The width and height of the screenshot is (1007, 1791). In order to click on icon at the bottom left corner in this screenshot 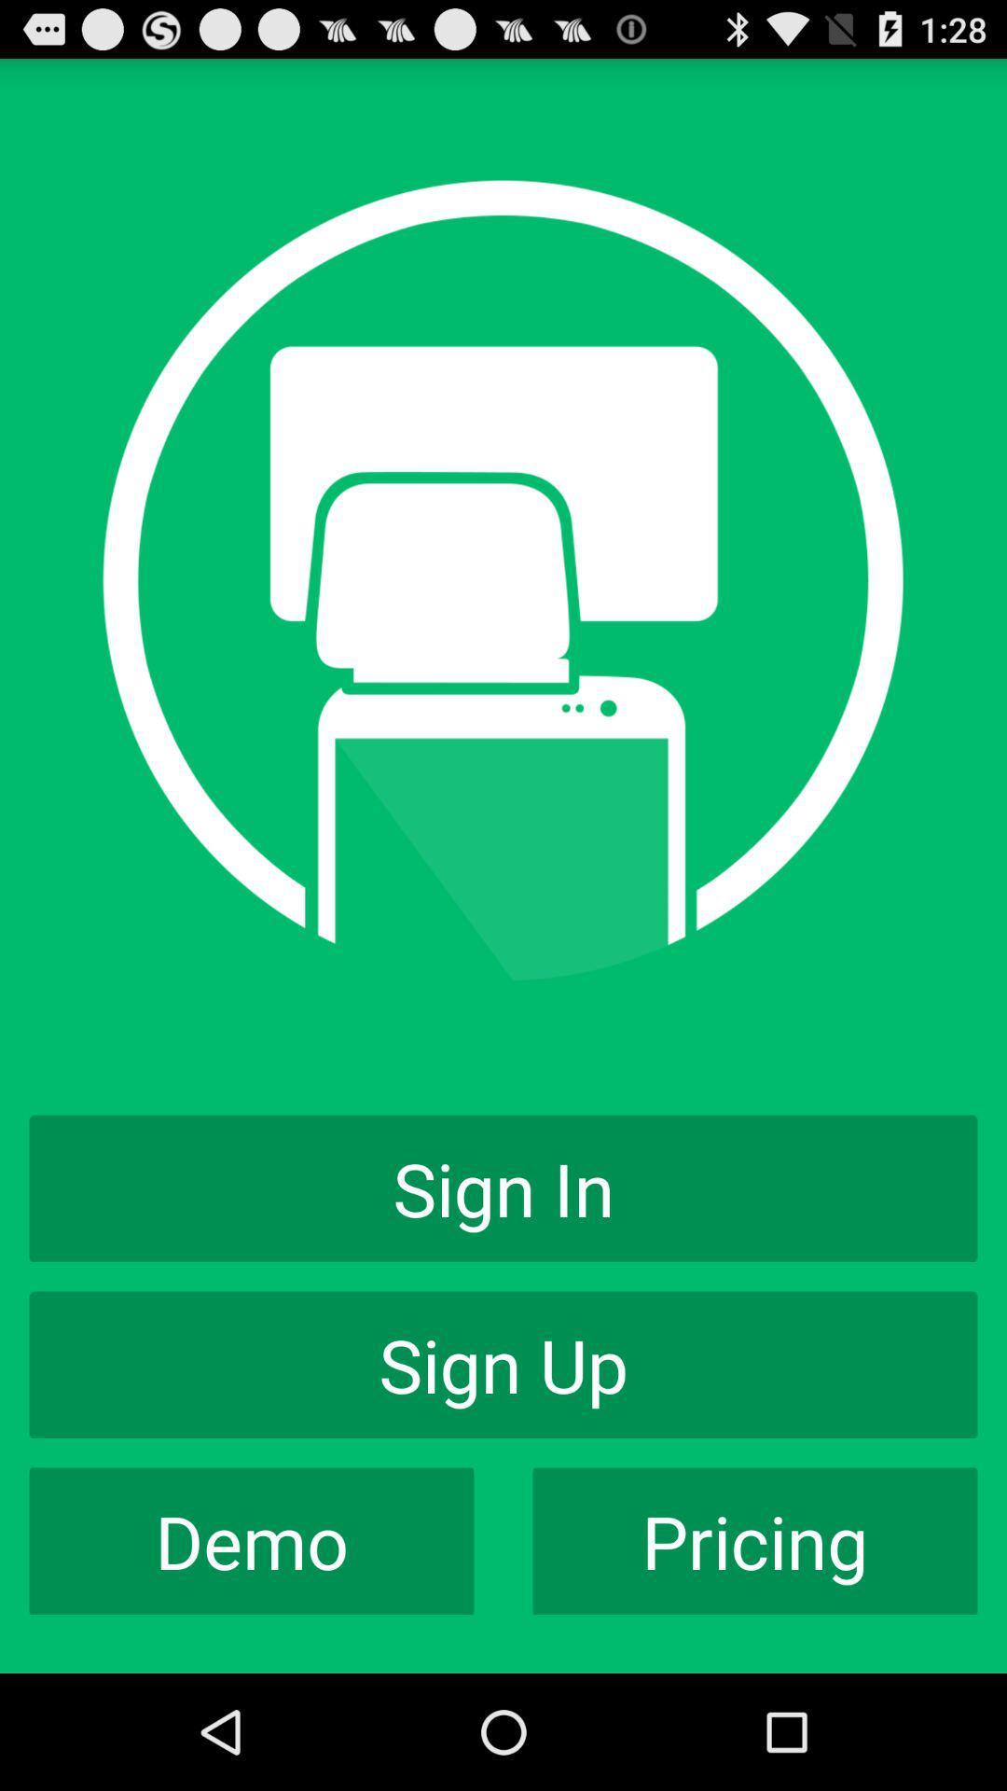, I will do `click(252, 1541)`.